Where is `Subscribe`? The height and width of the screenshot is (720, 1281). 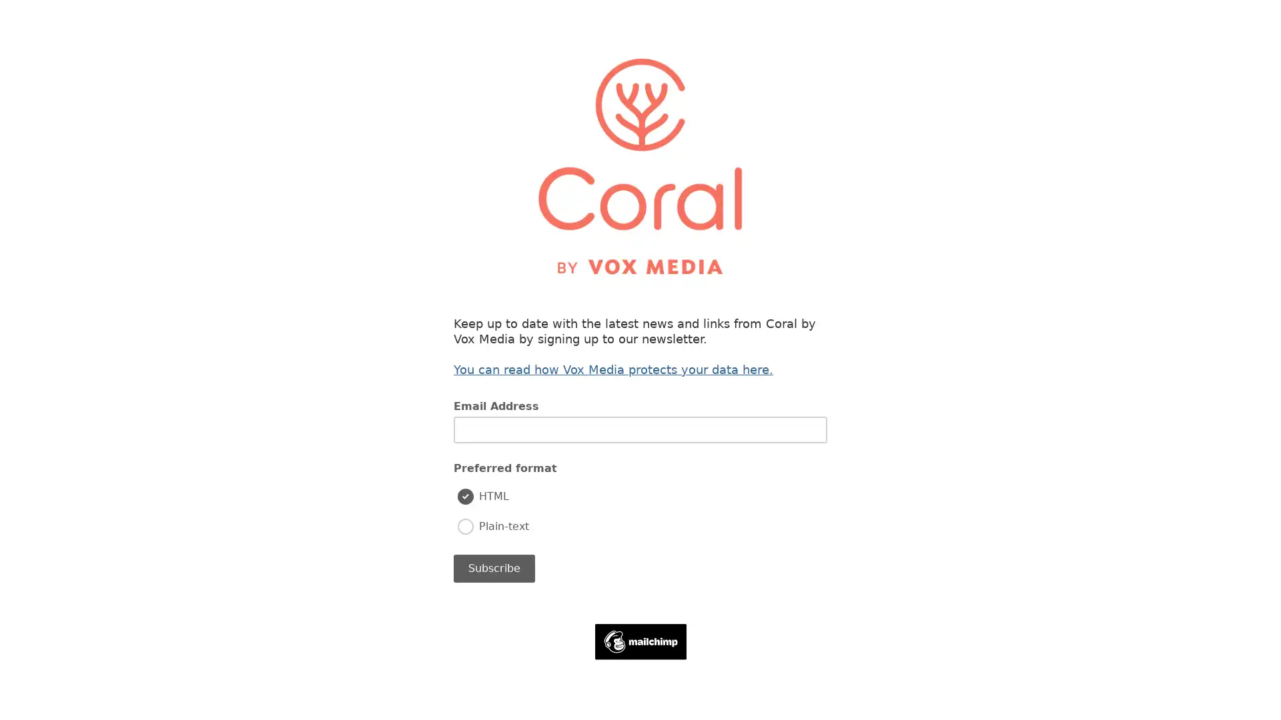
Subscribe is located at coordinates (493, 568).